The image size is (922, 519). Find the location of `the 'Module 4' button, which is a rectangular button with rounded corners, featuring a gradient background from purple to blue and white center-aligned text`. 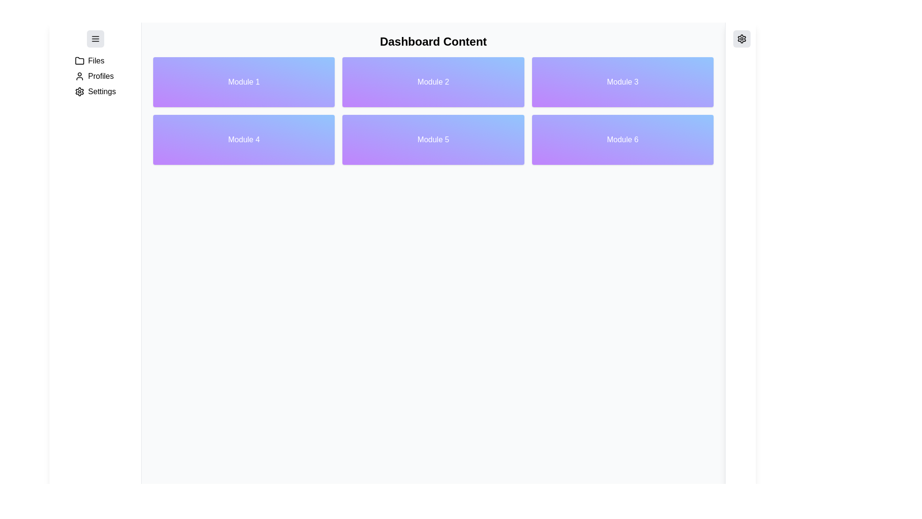

the 'Module 4' button, which is a rectangular button with rounded corners, featuring a gradient background from purple to blue and white center-aligned text is located at coordinates (244, 139).